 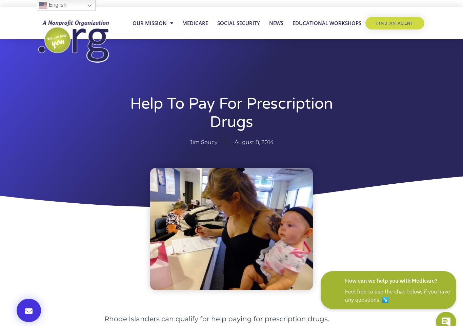 I want to click on 'Jim Soucy', so click(x=189, y=142).